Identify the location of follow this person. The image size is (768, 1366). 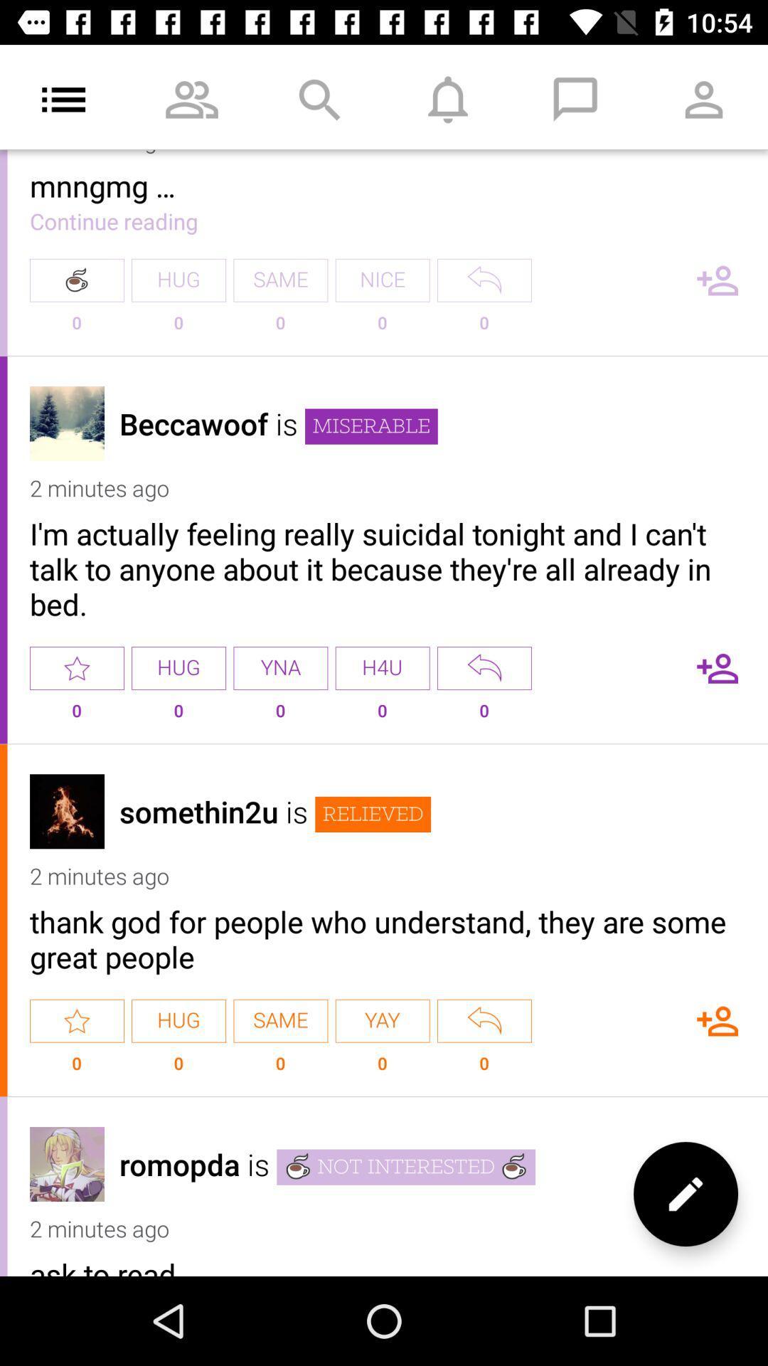
(718, 667).